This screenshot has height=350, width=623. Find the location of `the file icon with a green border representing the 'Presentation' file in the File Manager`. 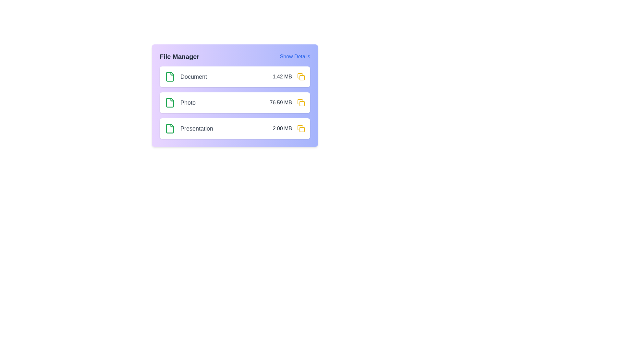

the file icon with a green border representing the 'Presentation' file in the File Manager is located at coordinates (170, 129).